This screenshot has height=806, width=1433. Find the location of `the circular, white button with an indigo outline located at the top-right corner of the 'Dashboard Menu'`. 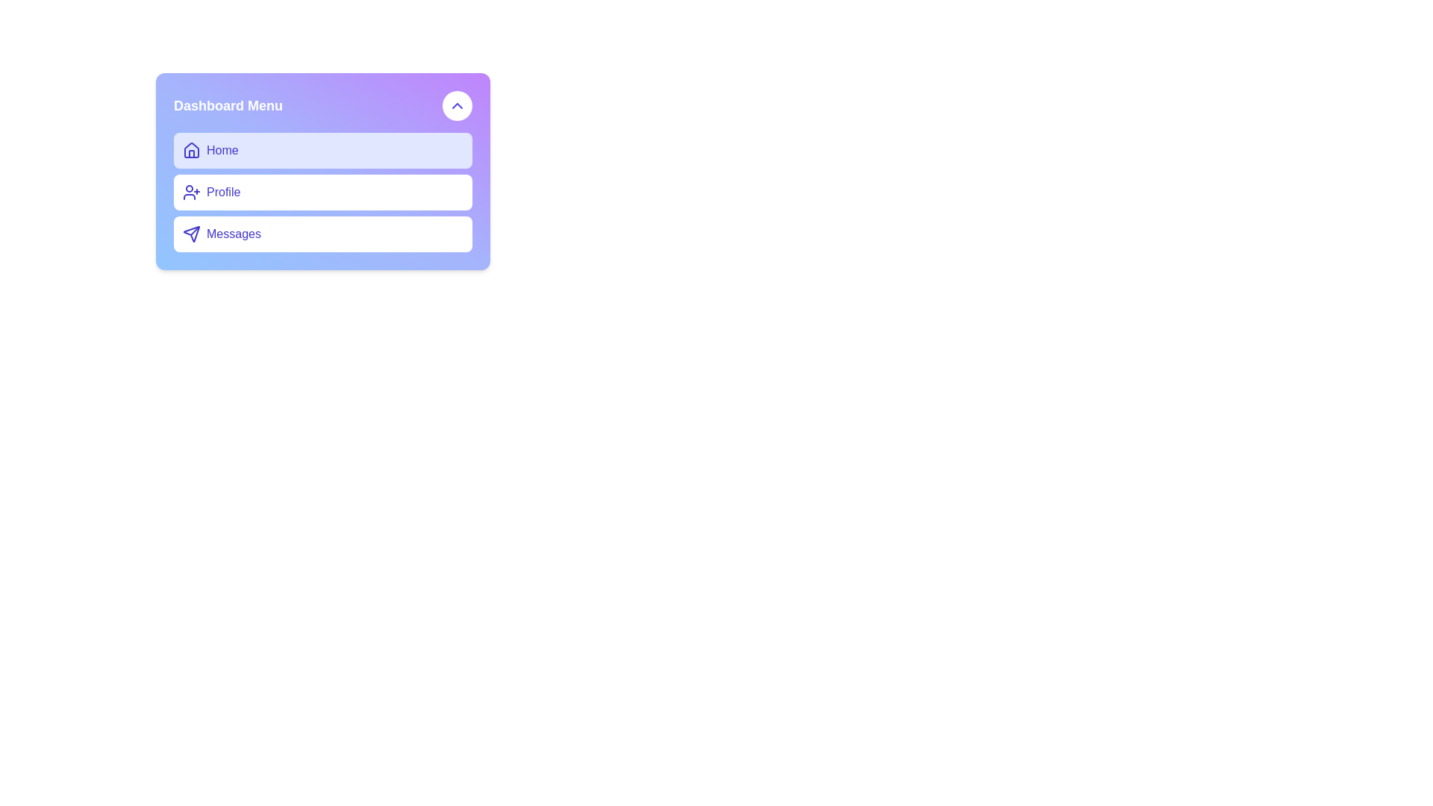

the circular, white button with an indigo outline located at the top-right corner of the 'Dashboard Menu' is located at coordinates (457, 105).